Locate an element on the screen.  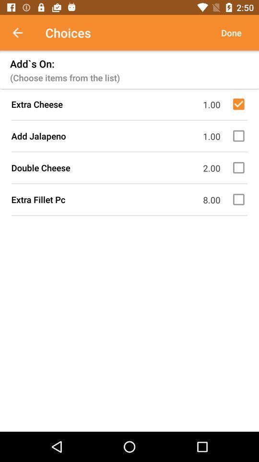
the done icon is located at coordinates (231, 33).